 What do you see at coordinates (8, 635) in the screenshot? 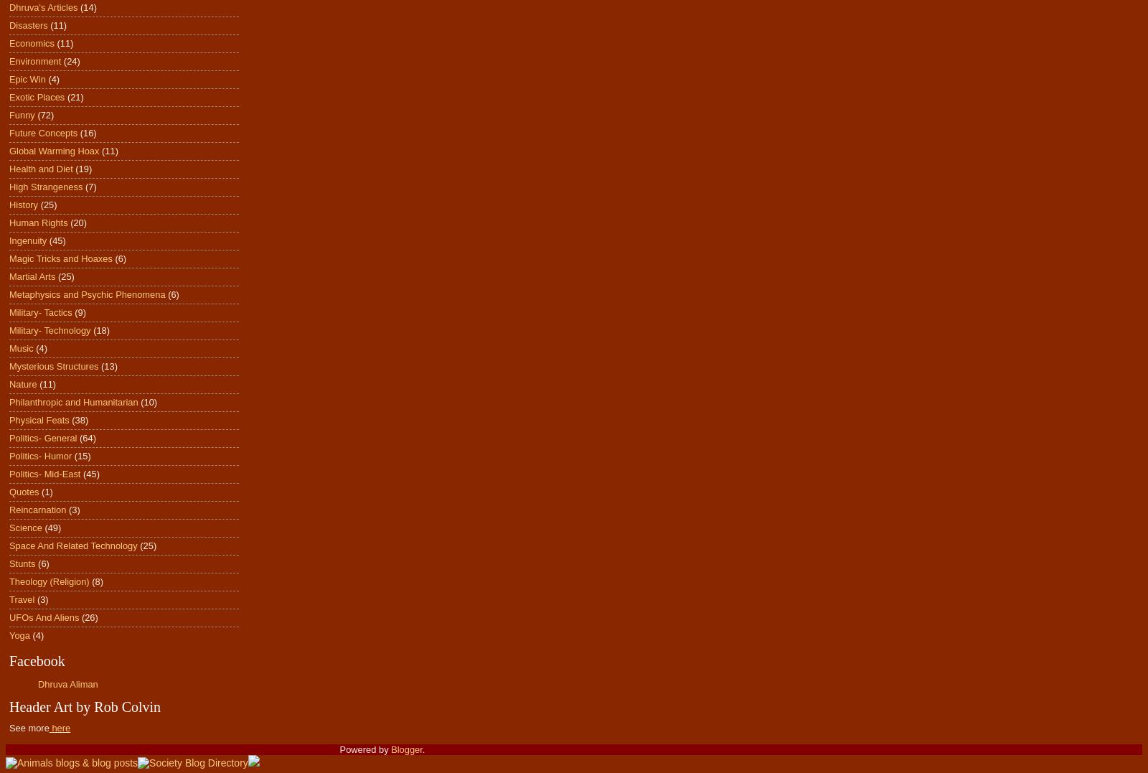
I see `'Yoga'` at bounding box center [8, 635].